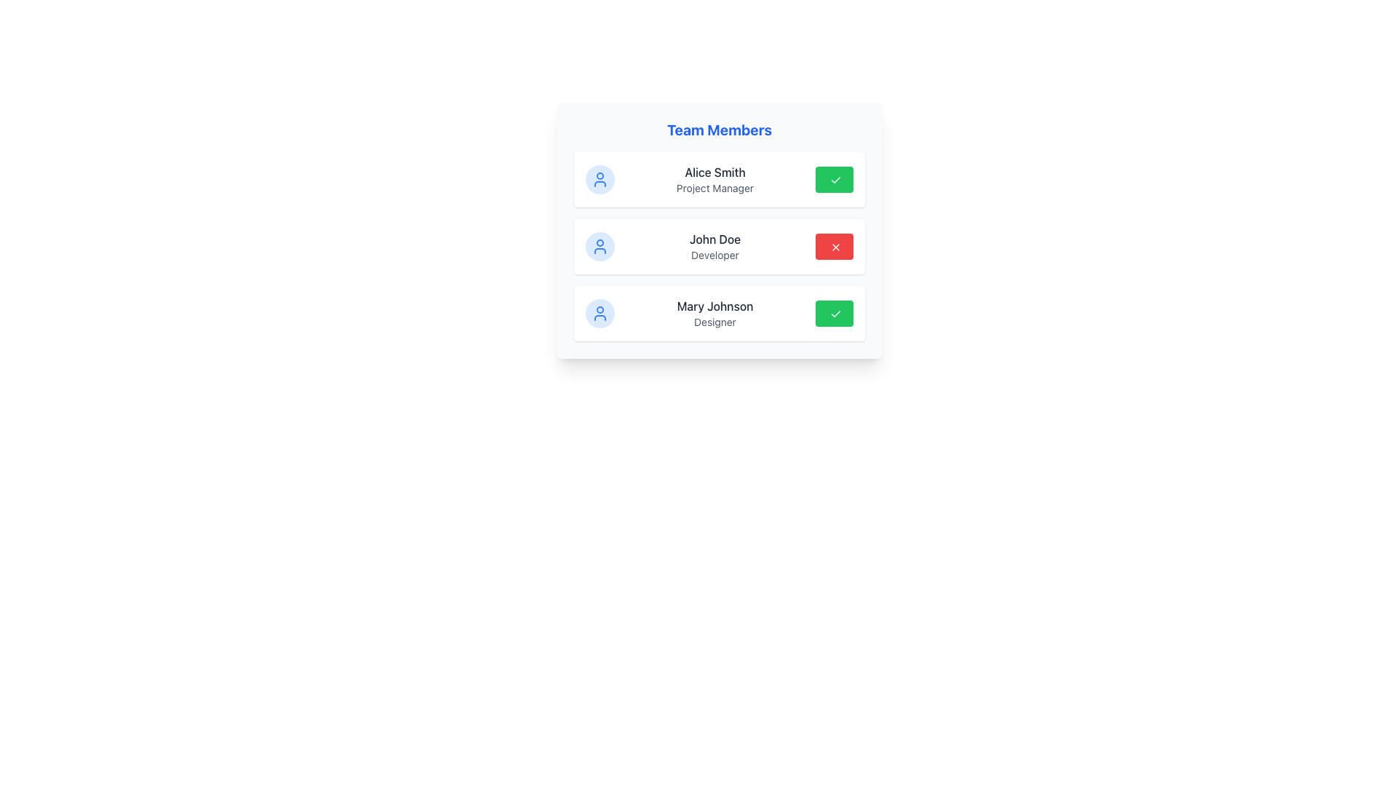 The width and height of the screenshot is (1397, 786). What do you see at coordinates (719, 129) in the screenshot?
I see `text of the header element that displays 'Team Members', which is styled in bold and large blue font, located at the top of the panel` at bounding box center [719, 129].